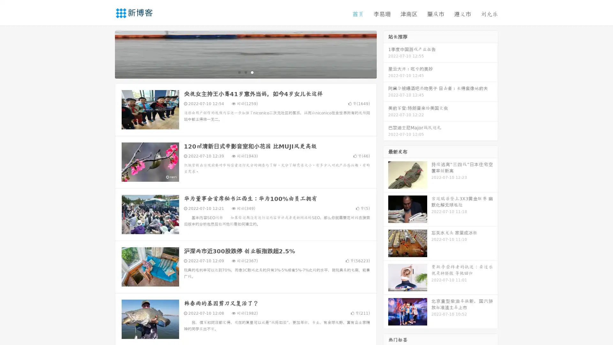 Image resolution: width=613 pixels, height=345 pixels. What do you see at coordinates (239, 72) in the screenshot?
I see `Go to slide 1` at bounding box center [239, 72].